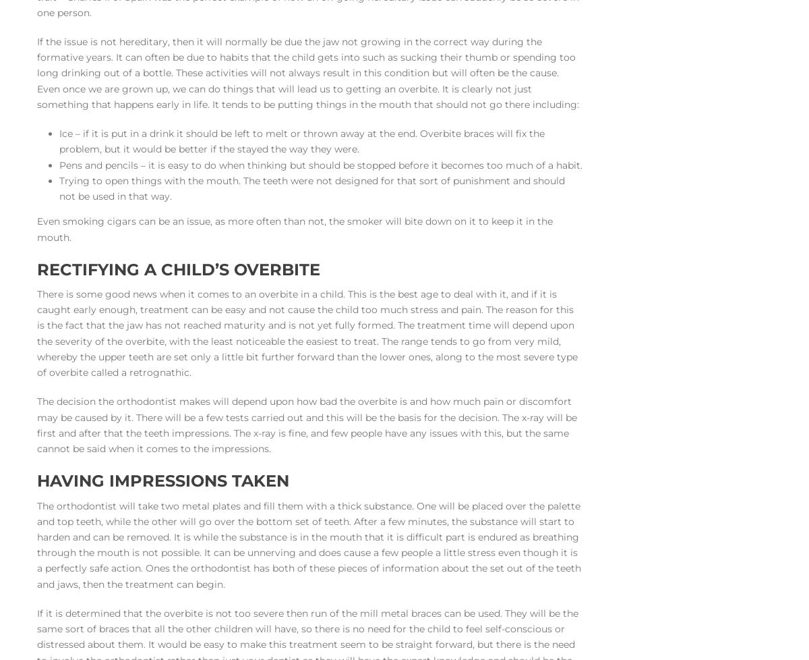 The image size is (809, 660). Describe the element at coordinates (301, 141) in the screenshot. I see `'Ice – if it is put in a drink it should be left to melt or thrown away at the end. Overbite braces will fix the problem, but it would be better if the stayed the way they were.'` at that location.